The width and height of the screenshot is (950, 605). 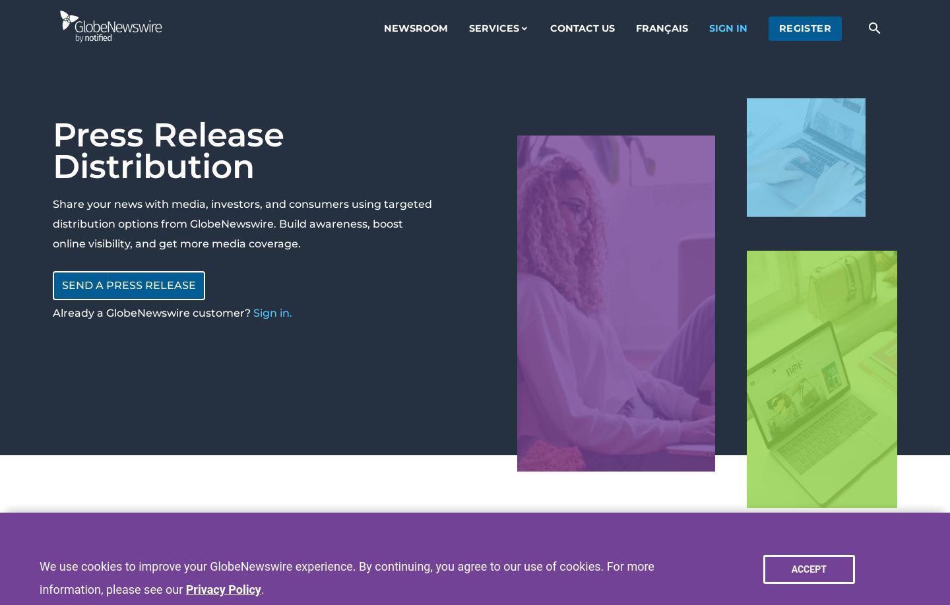 What do you see at coordinates (634, 27) in the screenshot?
I see `'Français'` at bounding box center [634, 27].